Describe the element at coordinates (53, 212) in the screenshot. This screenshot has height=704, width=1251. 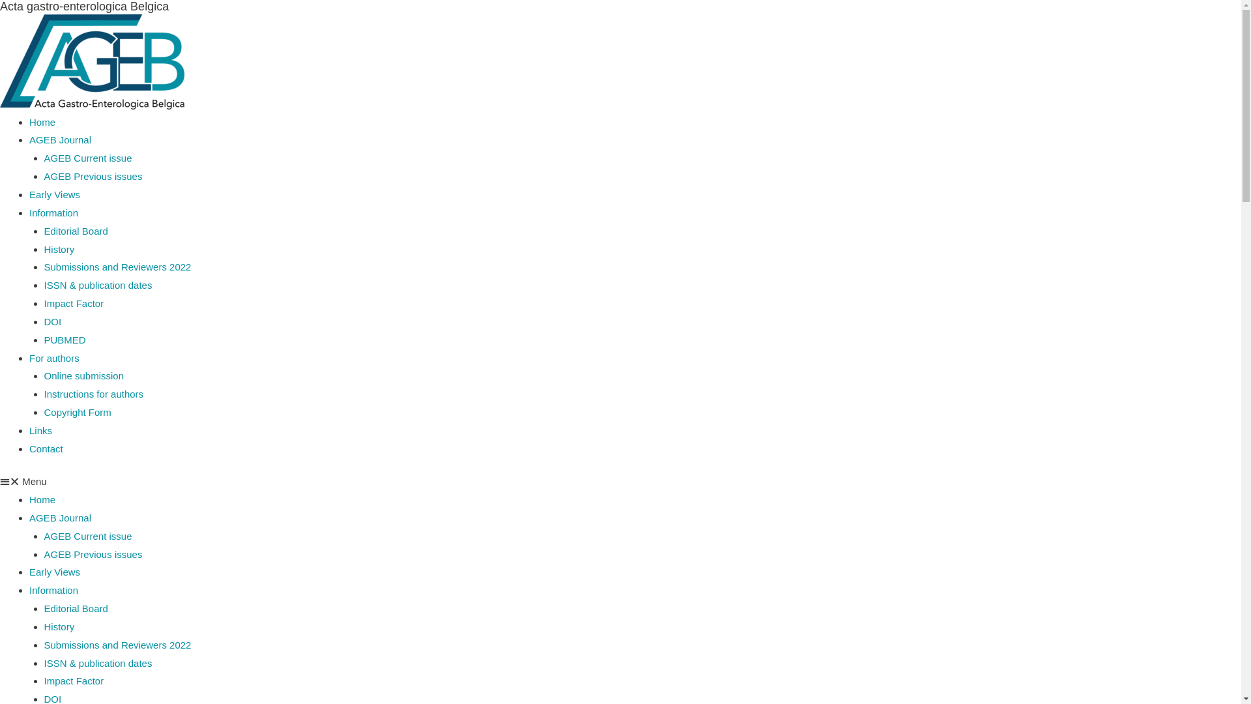
I see `'Information'` at that location.